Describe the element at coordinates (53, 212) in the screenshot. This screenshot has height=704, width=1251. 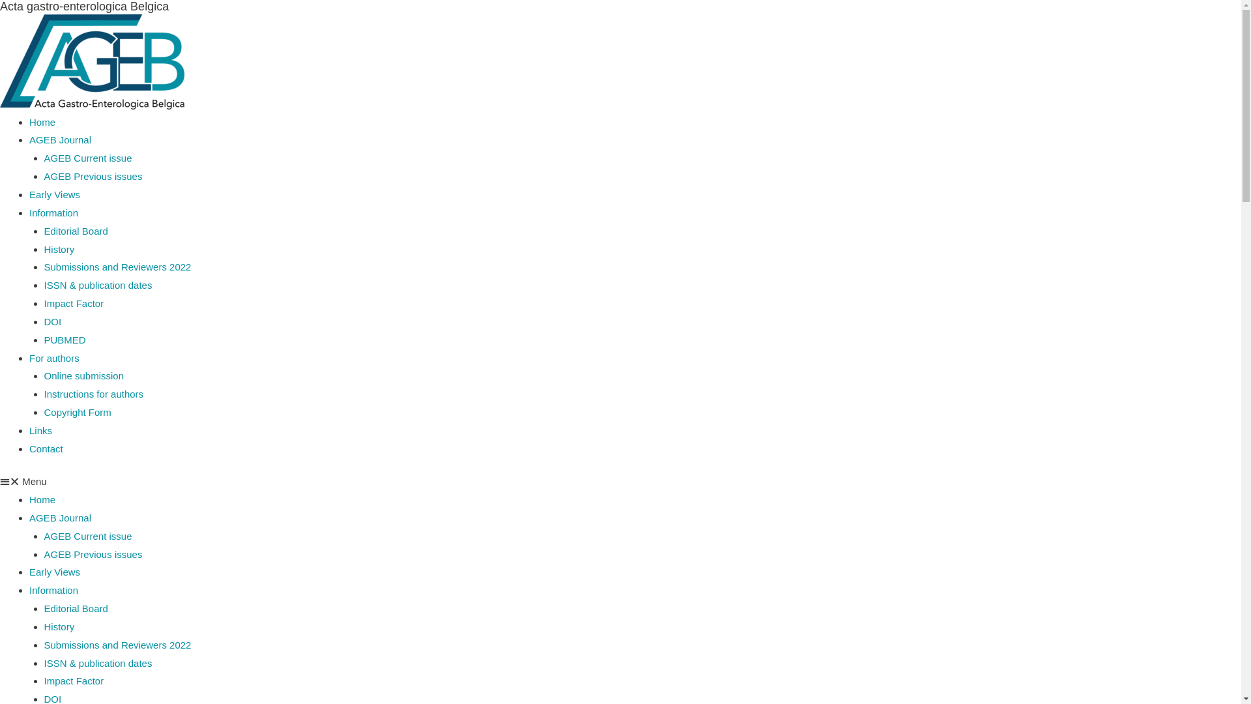
I see `'Information'` at that location.